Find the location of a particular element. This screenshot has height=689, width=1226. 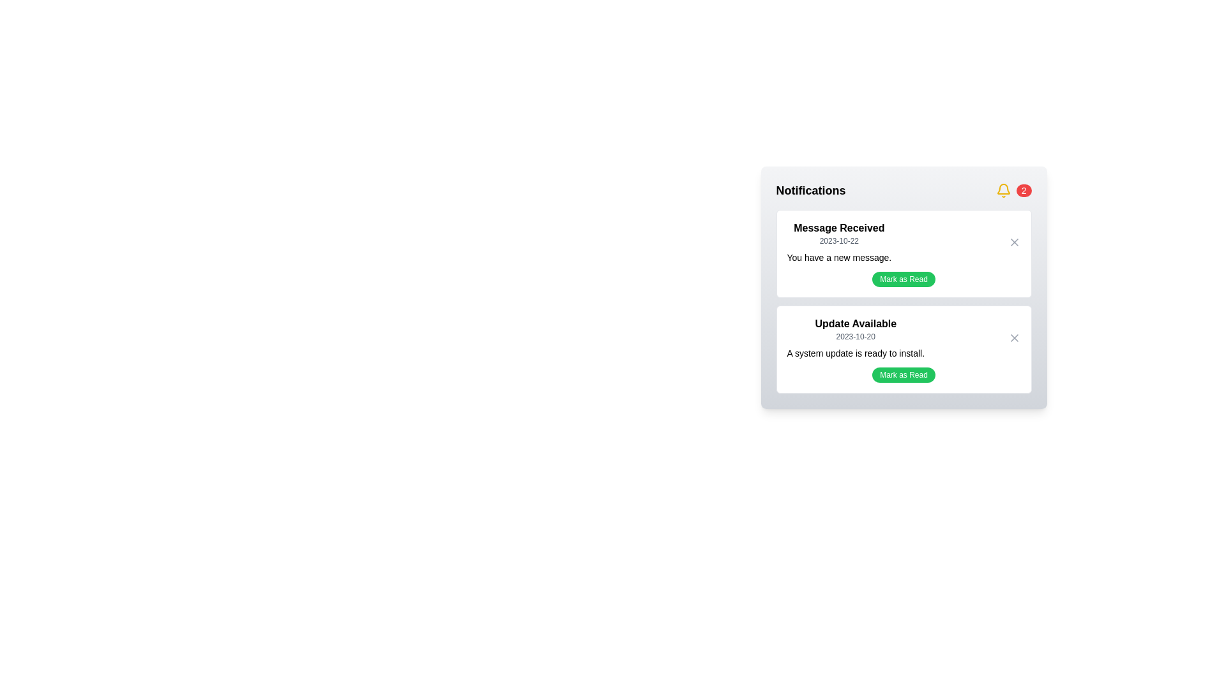

the header section displaying 'Notifications' with a yellow bell icon and a red badge showing '2' is located at coordinates (903, 191).